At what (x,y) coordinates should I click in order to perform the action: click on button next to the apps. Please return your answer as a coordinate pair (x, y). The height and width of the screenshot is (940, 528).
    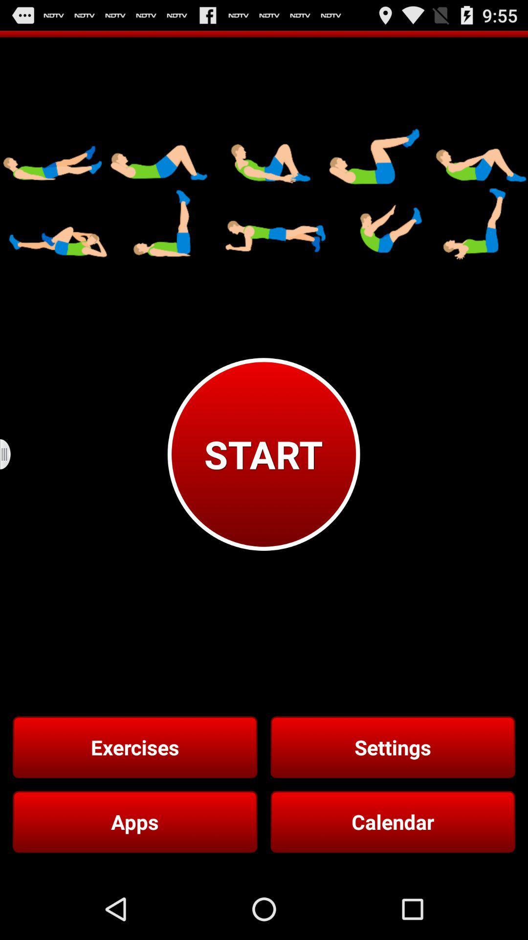
    Looking at the image, I should click on (392, 822).